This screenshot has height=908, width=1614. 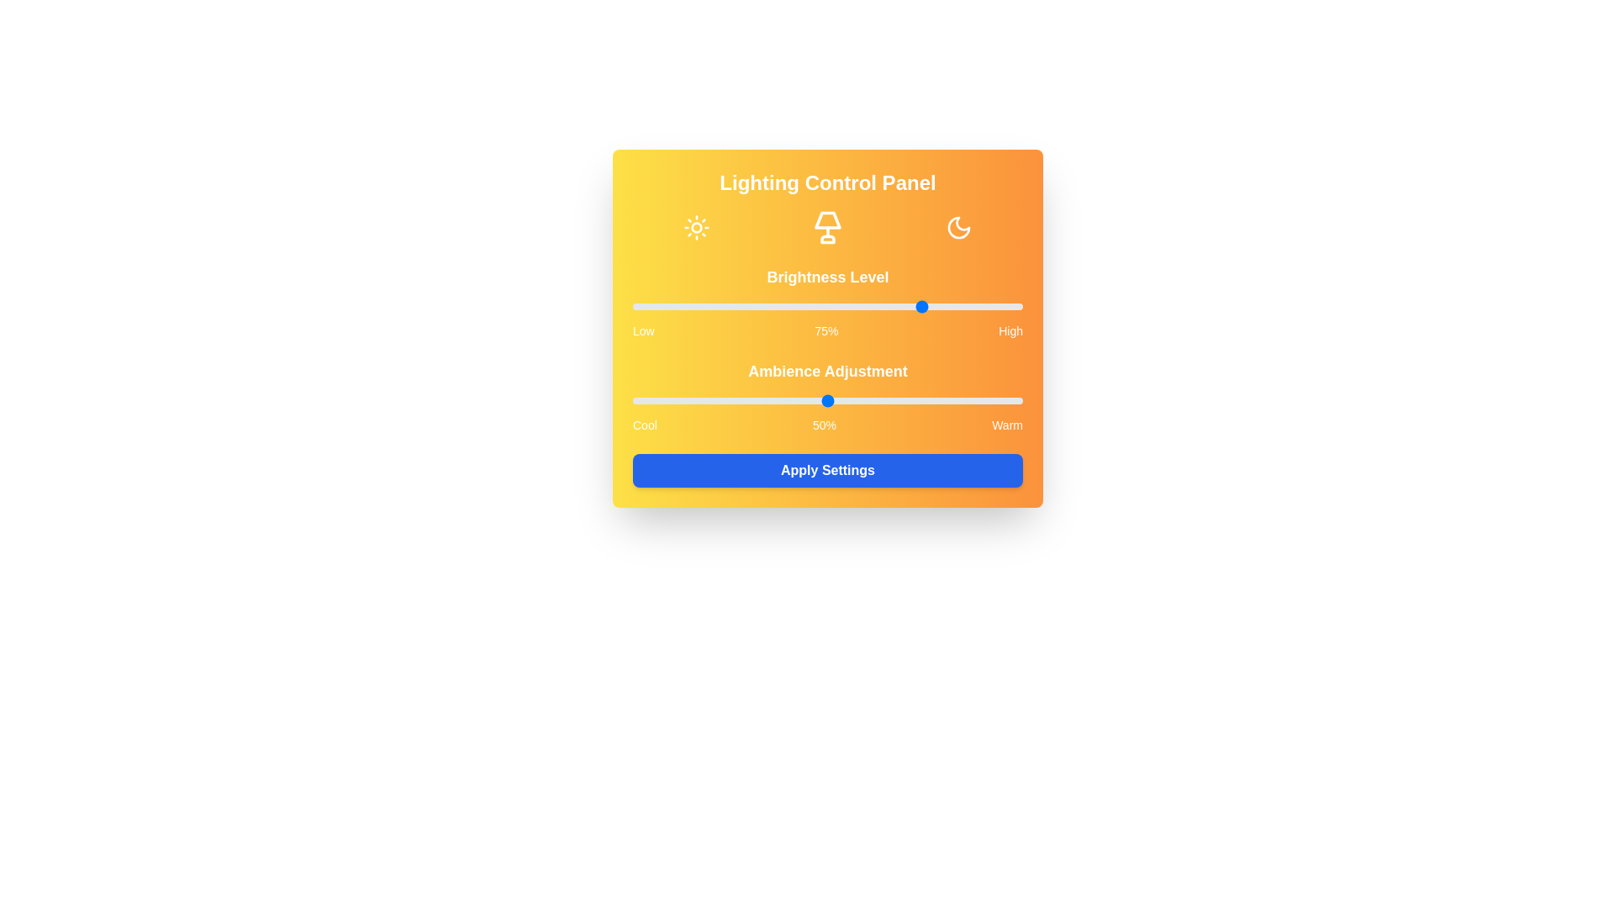 I want to click on the ambiance level to 82% by adjusting the slider, so click(x=952, y=401).